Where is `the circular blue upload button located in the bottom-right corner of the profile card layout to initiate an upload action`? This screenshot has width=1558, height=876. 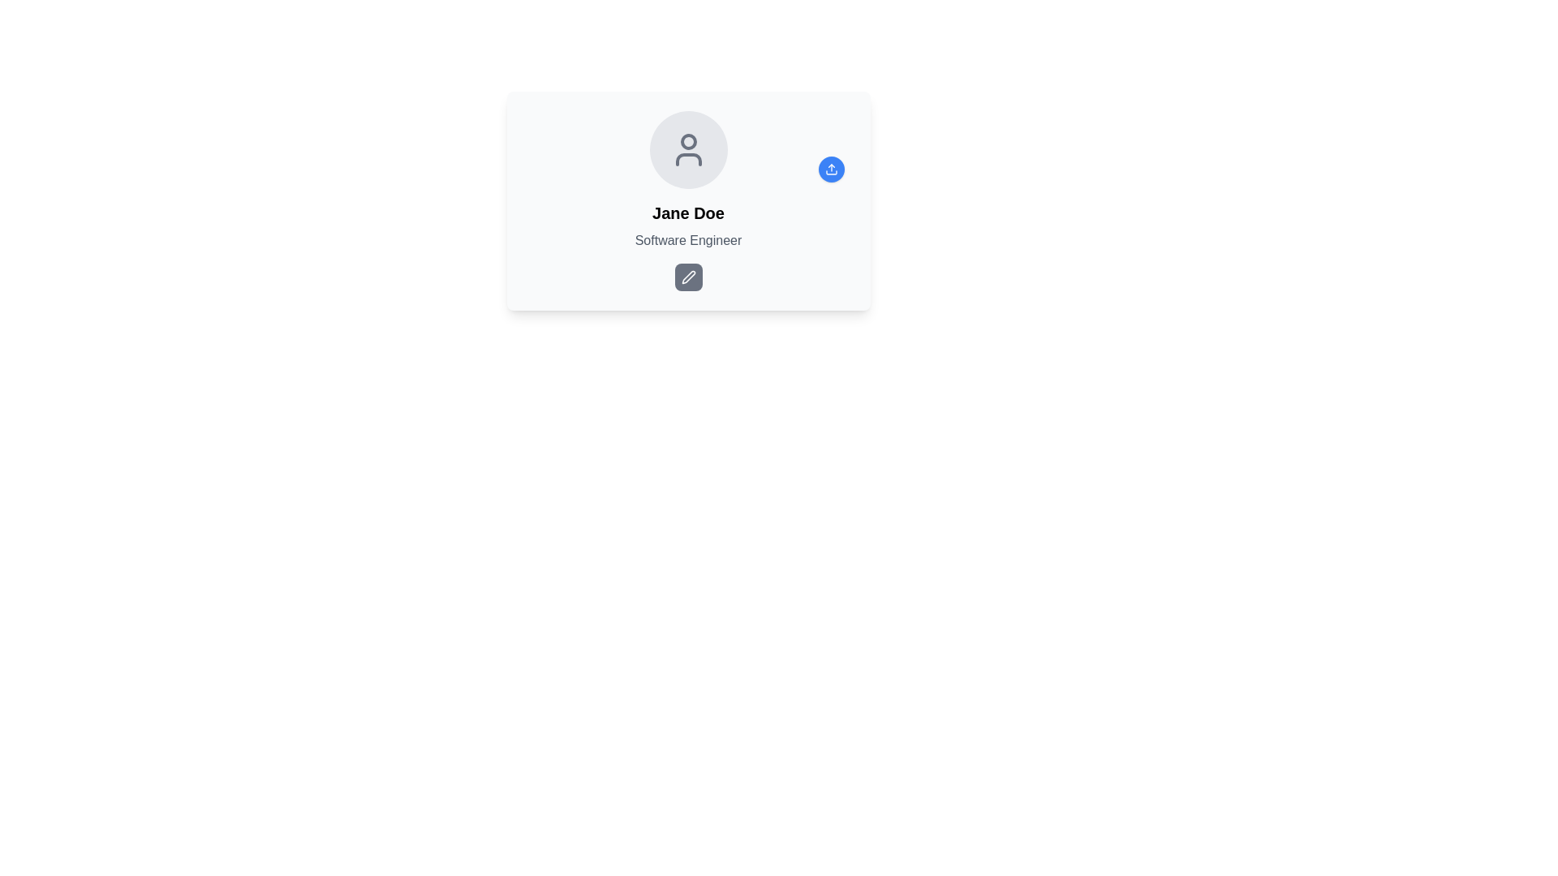
the circular blue upload button located in the bottom-right corner of the profile card layout to initiate an upload action is located at coordinates (831, 169).